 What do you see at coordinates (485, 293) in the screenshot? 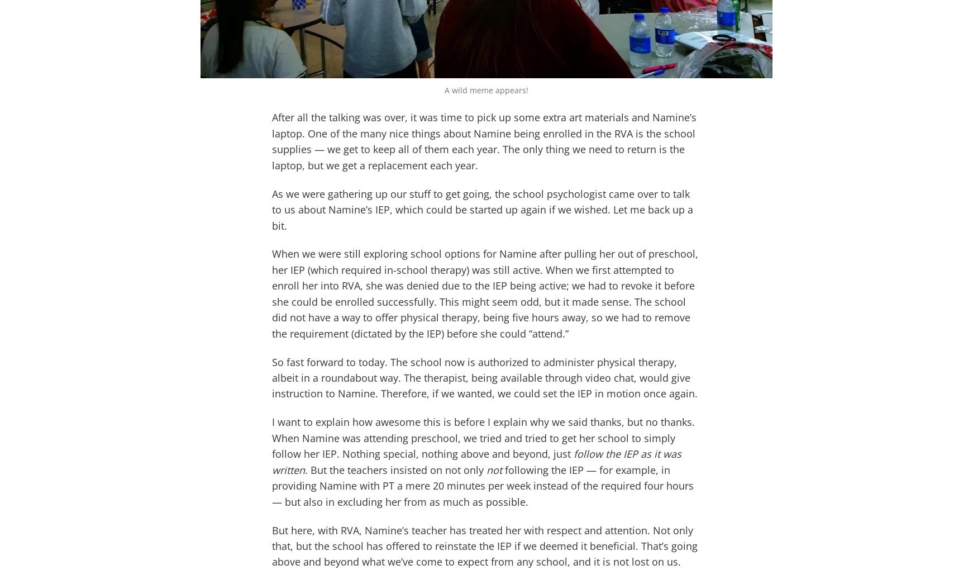
I see `'When we were still exploring school options for Namine after pulling her out of preschool, her IEP (which required in-school therapy) was still active. When we first attempted to enroll her into RVA, she was denied due to the IEP being active; we had to revoke it before she could be enrolled successfully. This might seem odd, but it made sense. The school did not have a way to offer physical therapy, being five hours away, so we had to remove the requirement (dictated by the IEP) before she could “attend.”'` at bounding box center [485, 293].